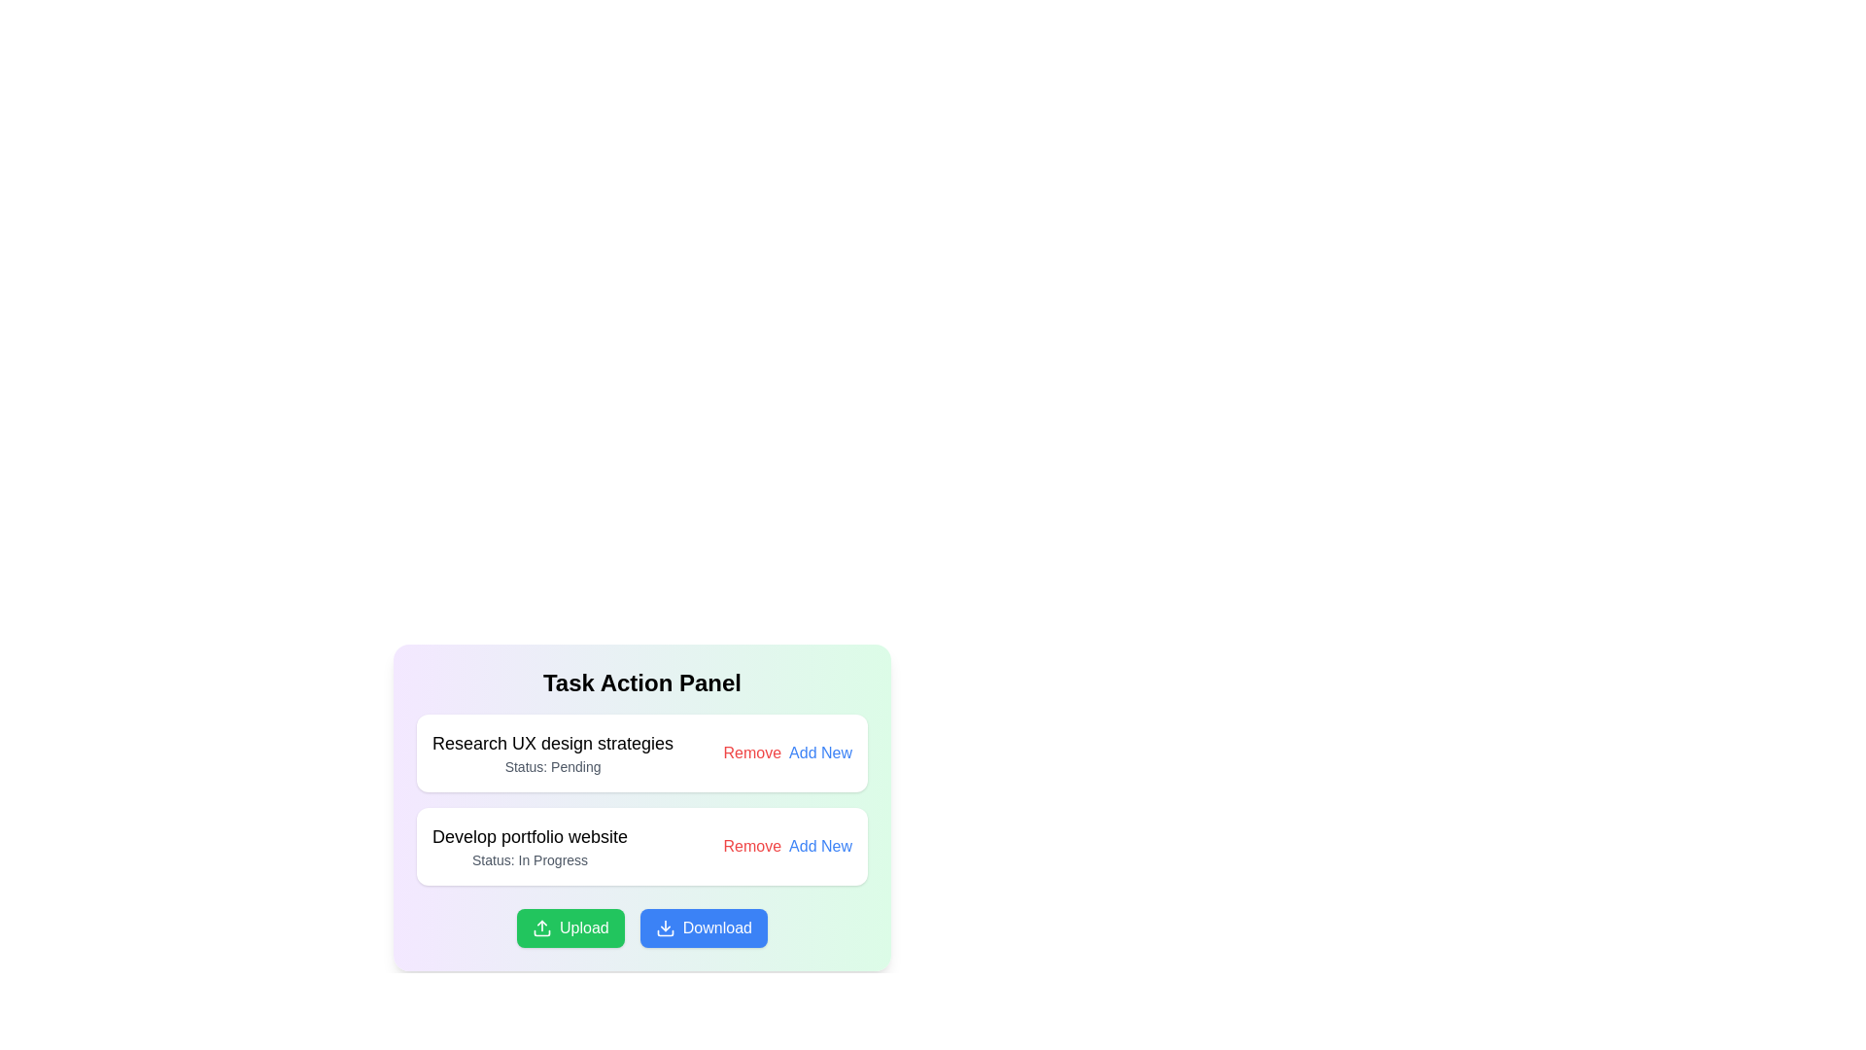 The image size is (1866, 1050). Describe the element at coordinates (751, 752) in the screenshot. I see `the remove task button located on the right side of the first task box in the 'Task Action Panel'` at that location.